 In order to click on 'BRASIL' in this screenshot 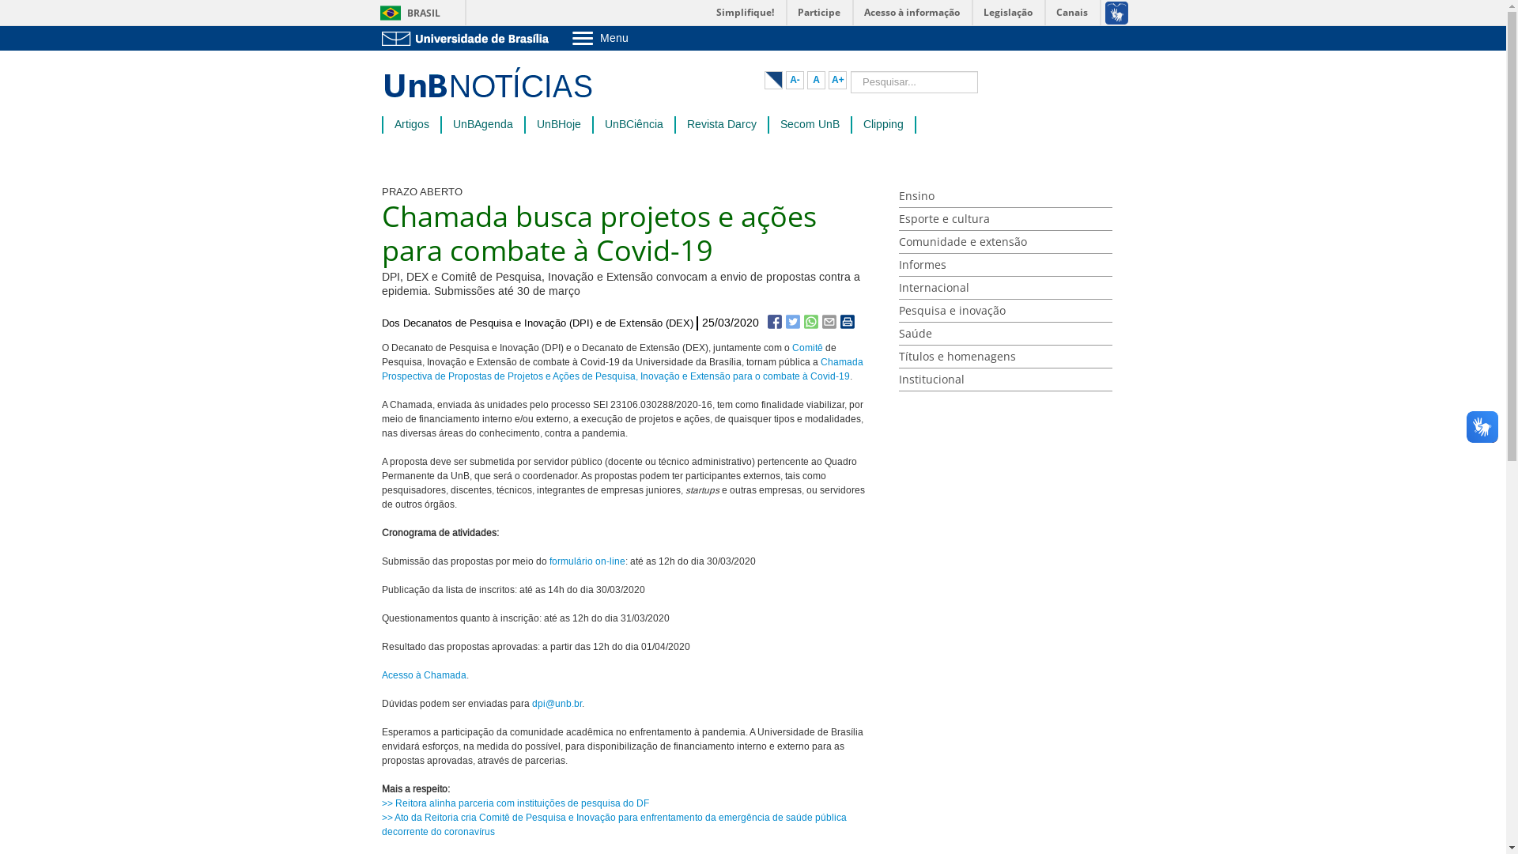, I will do `click(406, 13)`.